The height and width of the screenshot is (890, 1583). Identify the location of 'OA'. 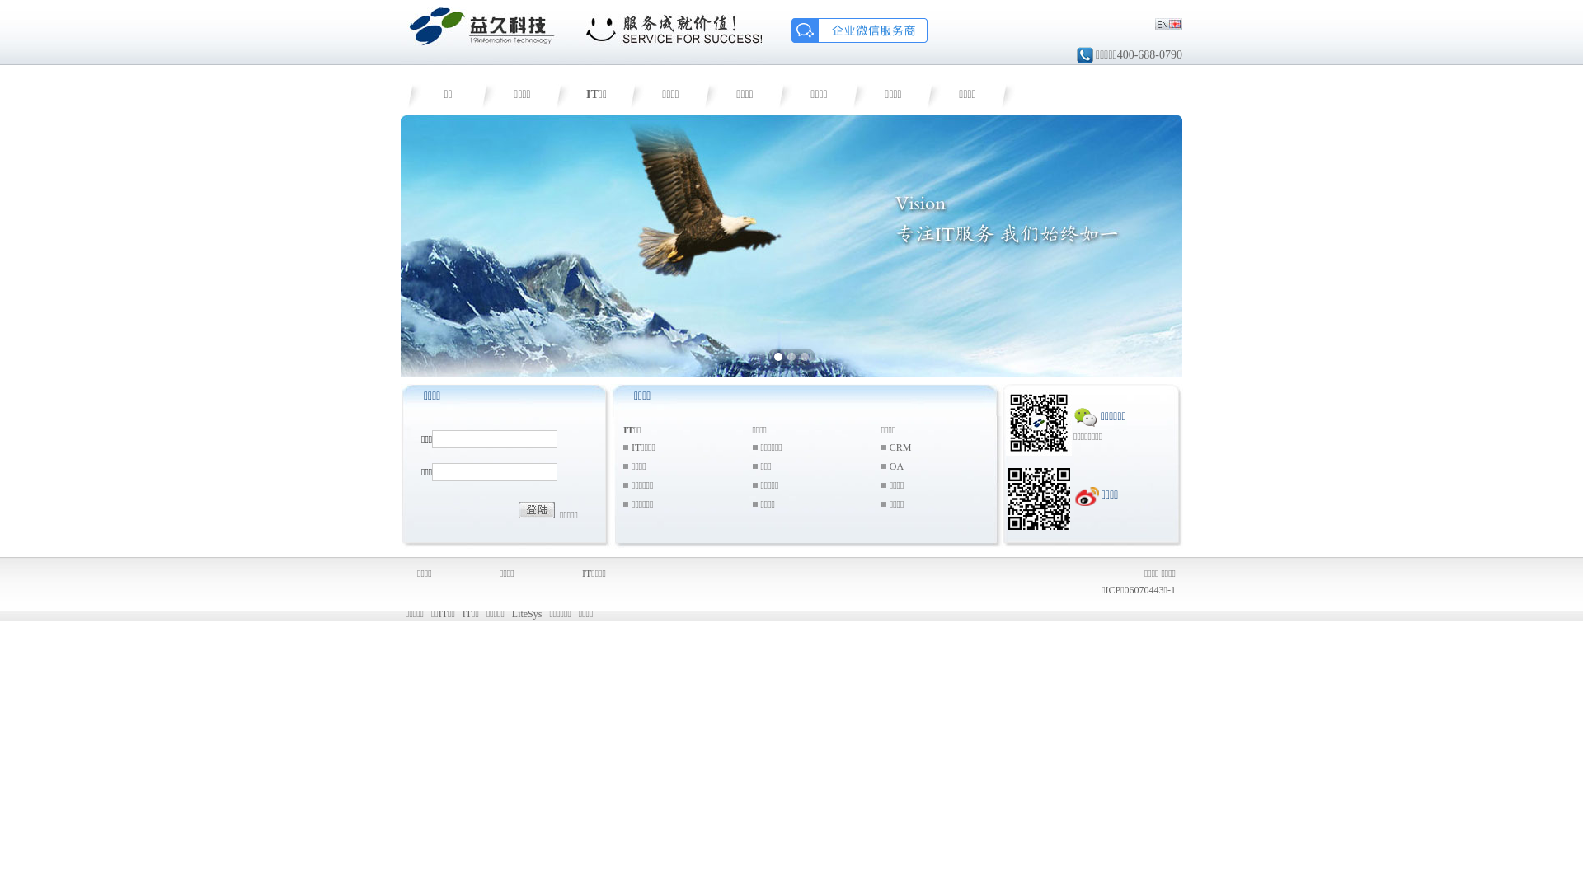
(889, 465).